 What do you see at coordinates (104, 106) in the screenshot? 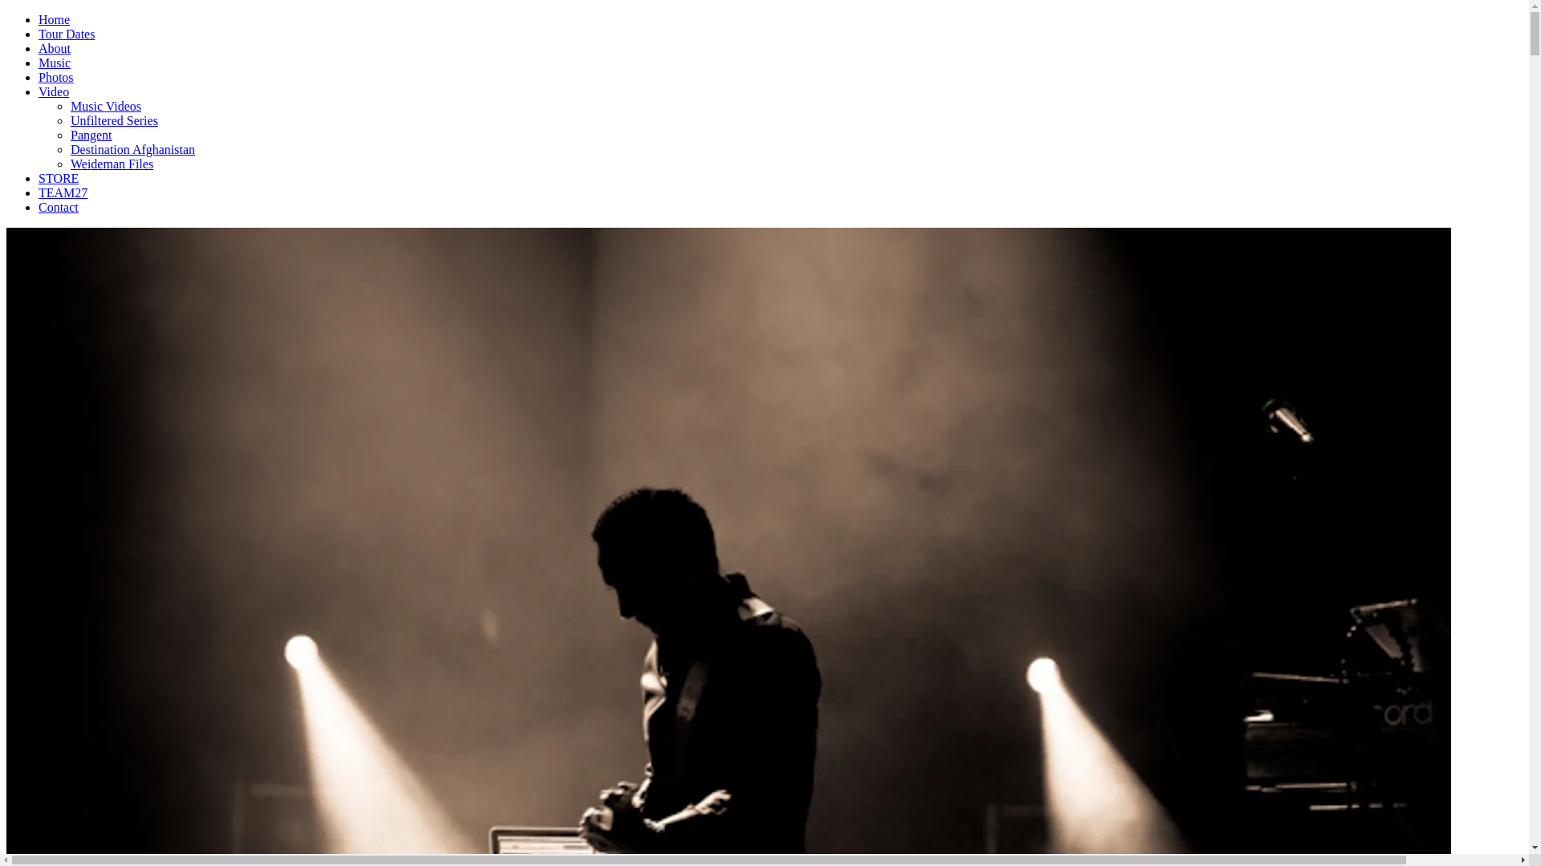
I see `'Music Videos'` at bounding box center [104, 106].